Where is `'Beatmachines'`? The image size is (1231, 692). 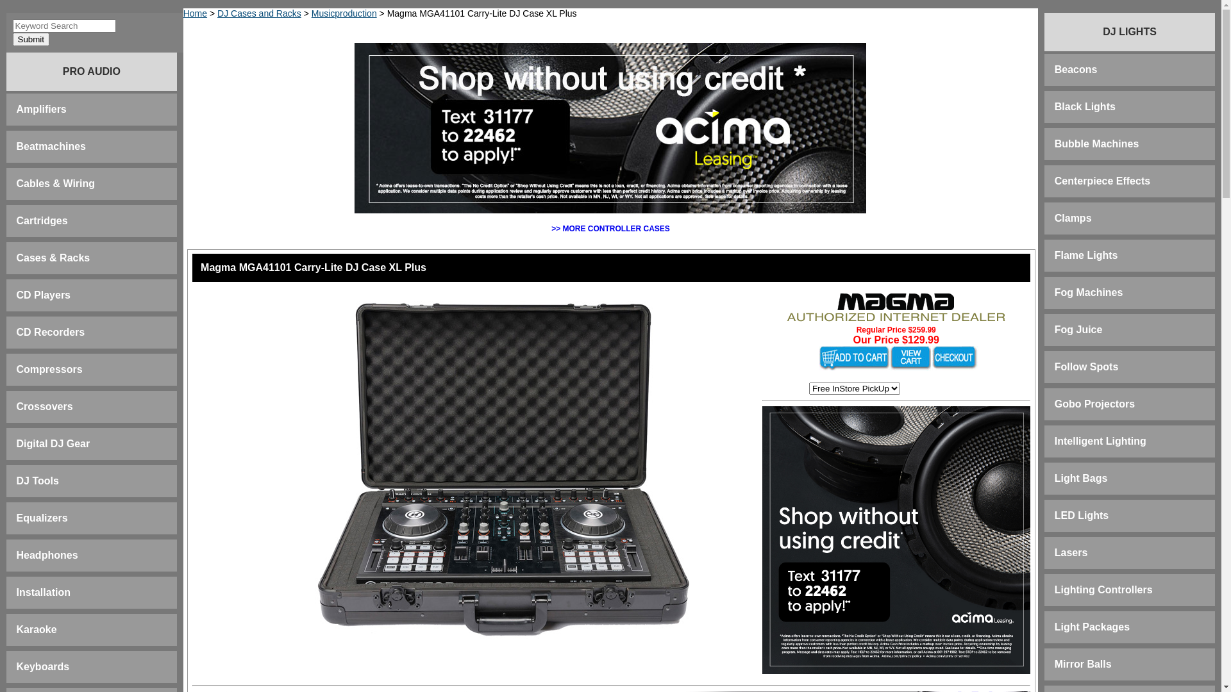 'Beatmachines' is located at coordinates (51, 145).